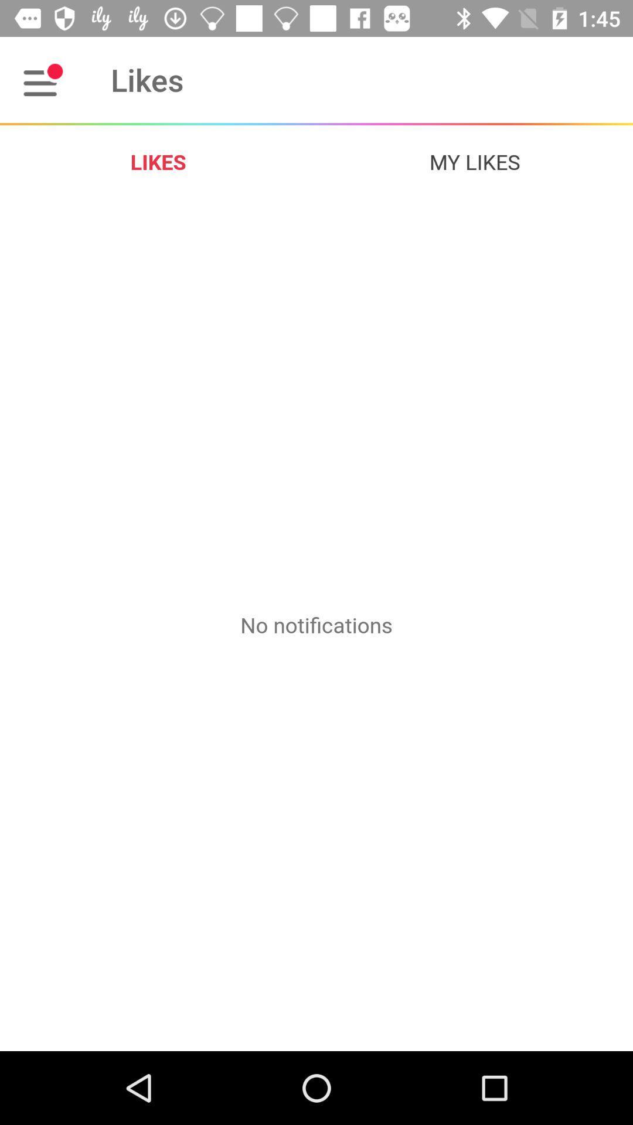 This screenshot has width=633, height=1125. Describe the element at coordinates (42, 79) in the screenshot. I see `see your profile` at that location.